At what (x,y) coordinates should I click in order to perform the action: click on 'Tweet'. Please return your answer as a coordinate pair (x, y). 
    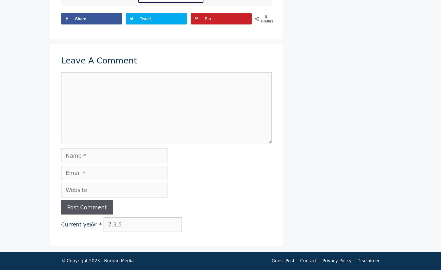
    Looking at the image, I should click on (139, 18).